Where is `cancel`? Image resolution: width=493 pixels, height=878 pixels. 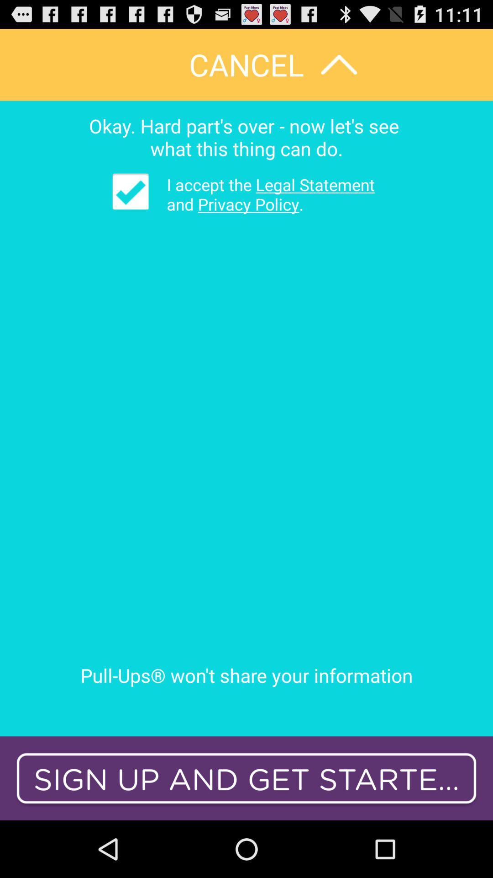 cancel is located at coordinates (246, 64).